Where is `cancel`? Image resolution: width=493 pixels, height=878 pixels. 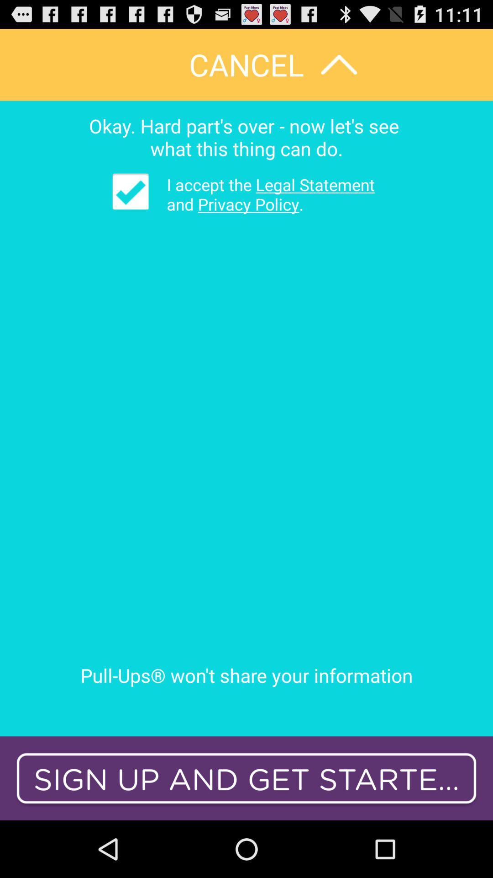 cancel is located at coordinates (246, 64).